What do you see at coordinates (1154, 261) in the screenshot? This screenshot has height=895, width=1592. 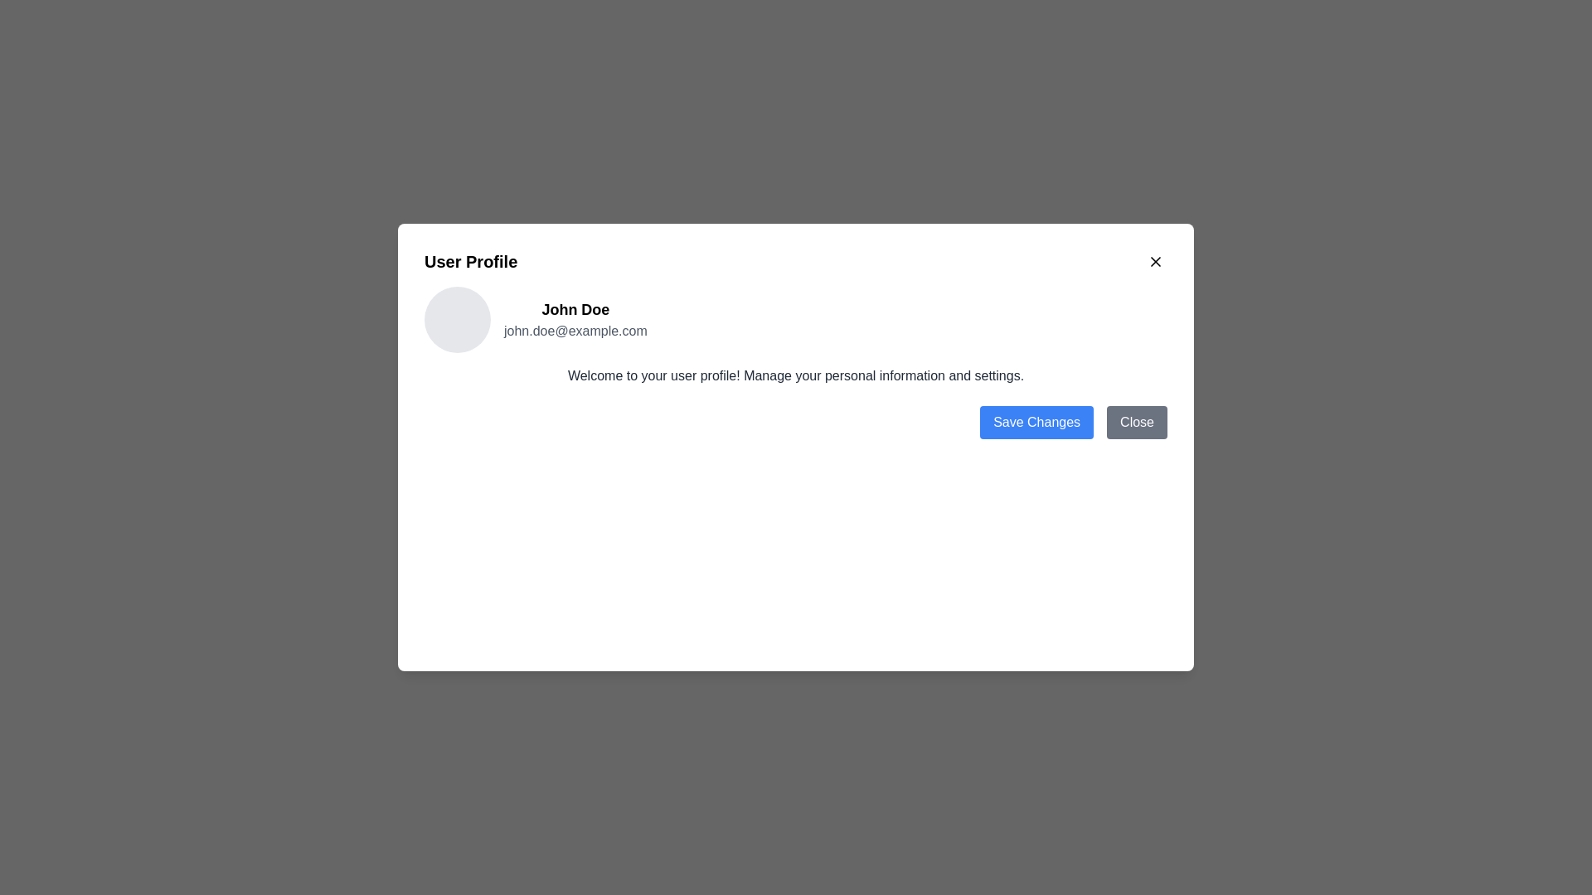 I see `the close button, which is a small cross (X) icon located in the top-right corner of the modal dialog` at bounding box center [1154, 261].